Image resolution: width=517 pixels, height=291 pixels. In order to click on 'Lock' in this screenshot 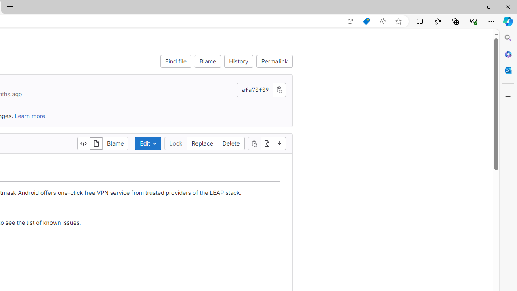, I will do `click(175, 143)`.